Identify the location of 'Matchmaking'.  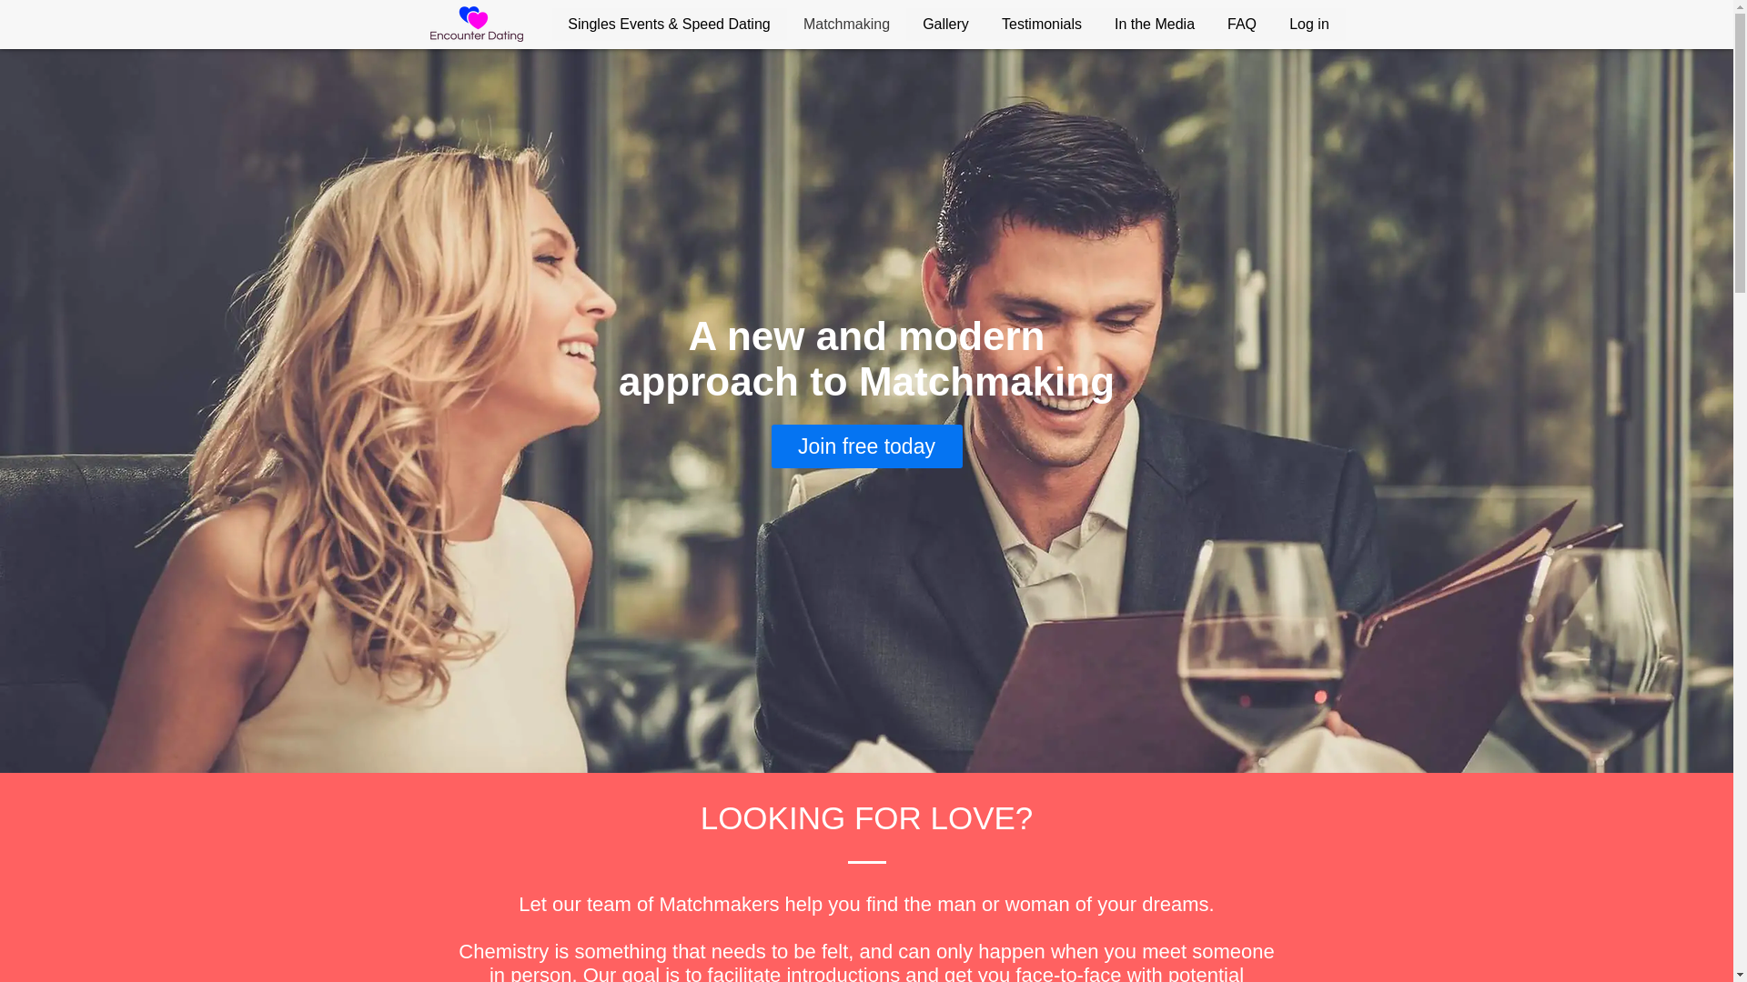
(844, 25).